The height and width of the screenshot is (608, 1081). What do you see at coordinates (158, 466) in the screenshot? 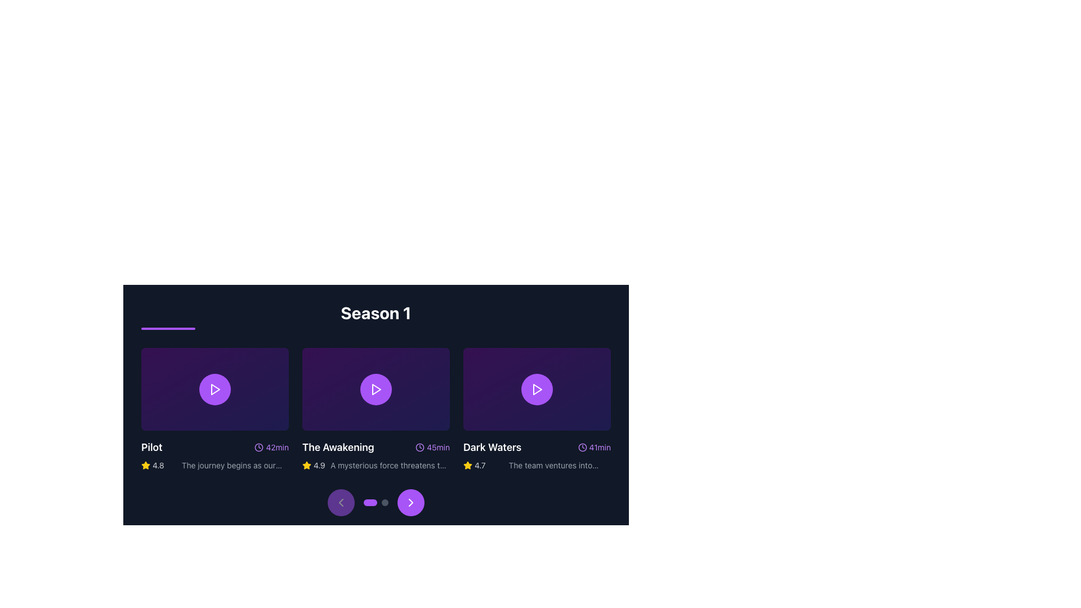
I see `the text label that conveys the rating value for the associated item, located in the bottom-left section of the first card, to the right of the yellow star icon` at bounding box center [158, 466].